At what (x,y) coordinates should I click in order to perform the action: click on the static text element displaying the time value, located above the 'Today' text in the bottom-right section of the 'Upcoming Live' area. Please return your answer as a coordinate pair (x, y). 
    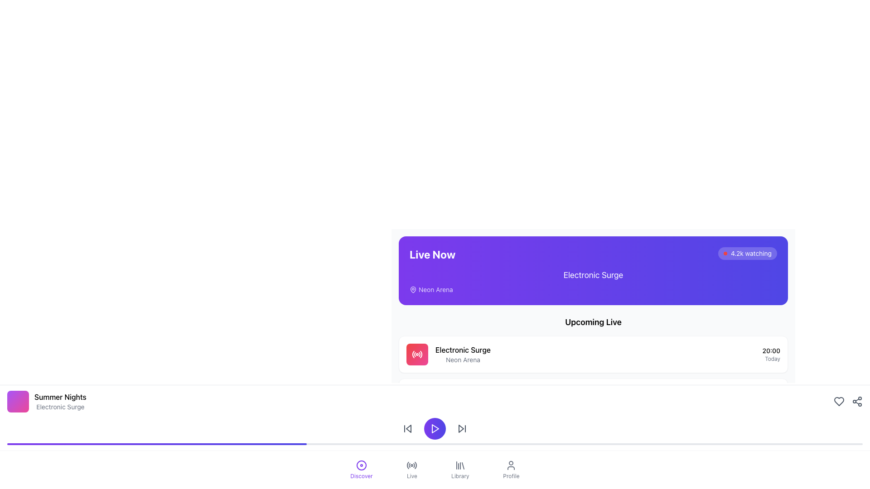
    Looking at the image, I should click on (771, 350).